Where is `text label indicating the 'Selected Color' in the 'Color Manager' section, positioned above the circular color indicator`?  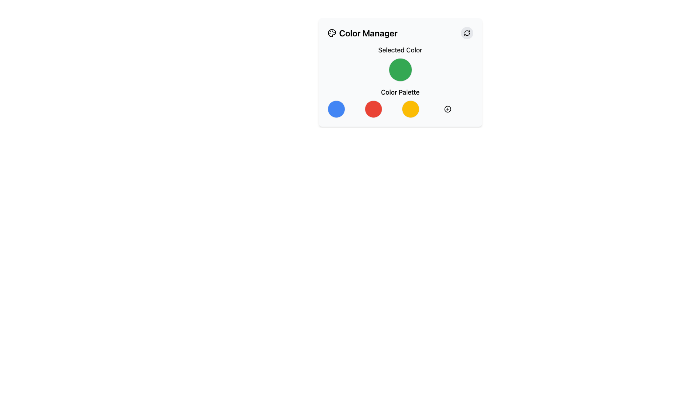
text label indicating the 'Selected Color' in the 'Color Manager' section, positioned above the circular color indicator is located at coordinates (400, 50).